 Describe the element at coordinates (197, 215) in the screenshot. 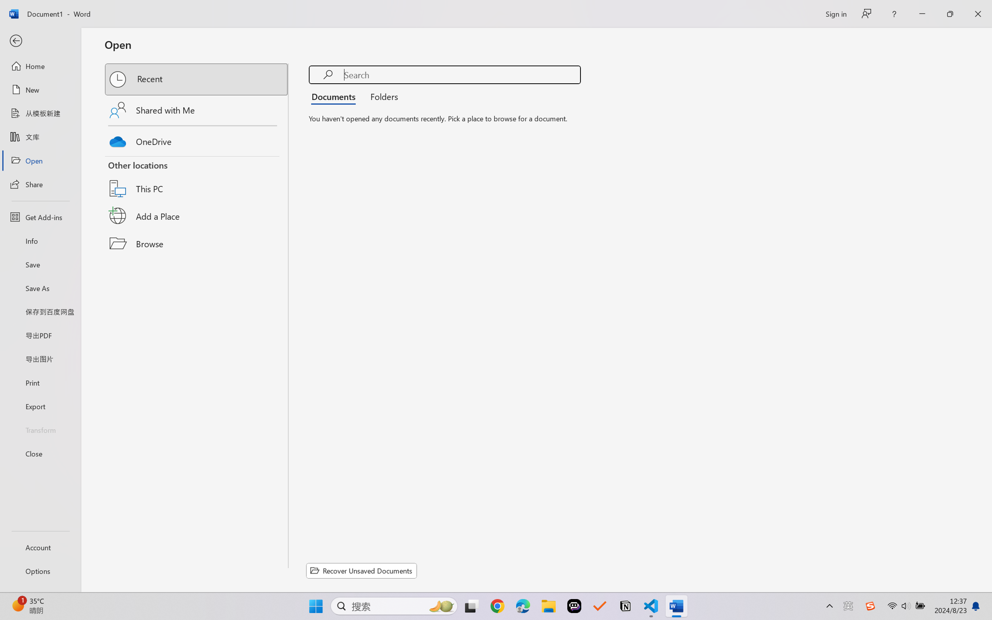

I see `'Add a Place'` at that location.